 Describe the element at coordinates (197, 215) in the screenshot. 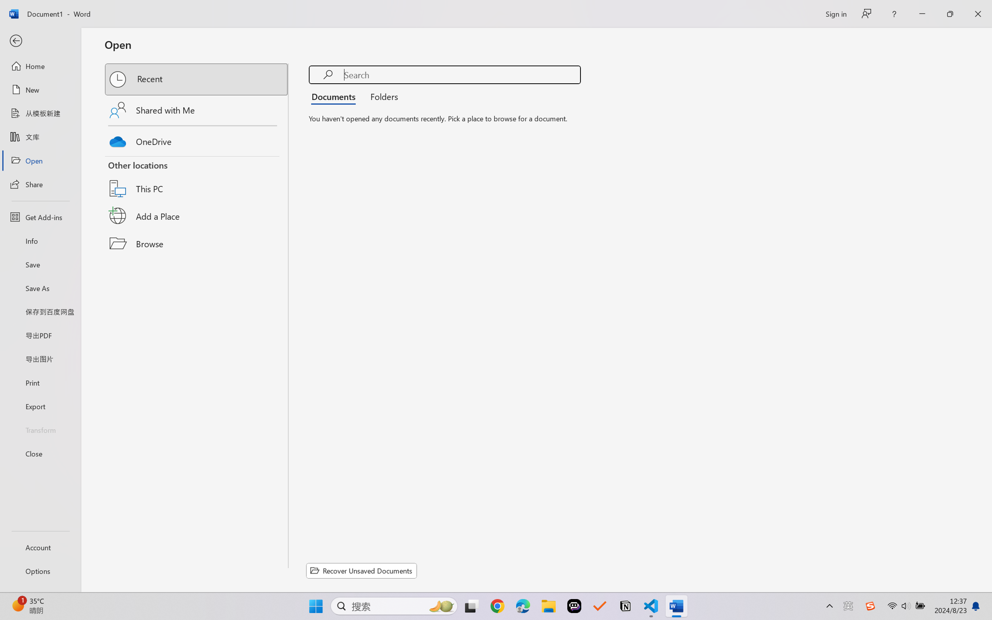

I see `'Add a Place'` at that location.